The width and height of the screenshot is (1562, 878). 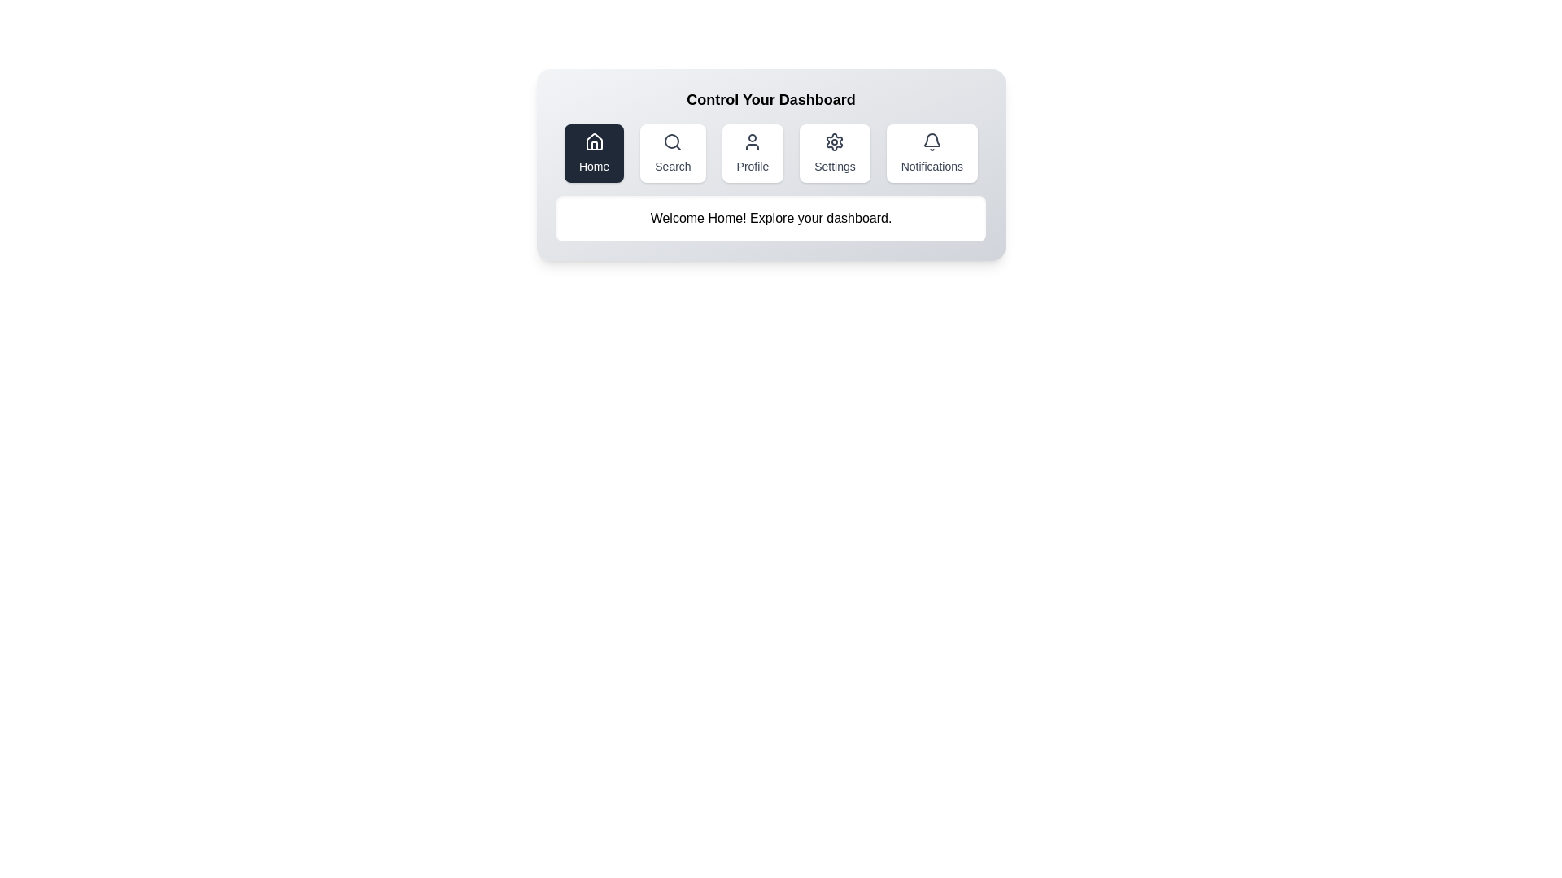 What do you see at coordinates (835, 154) in the screenshot?
I see `the 'Settings' button, which has a white background, rounded corners, and a gear icon above the text 'Settings', located in the 'Control Your Dashboard' section` at bounding box center [835, 154].